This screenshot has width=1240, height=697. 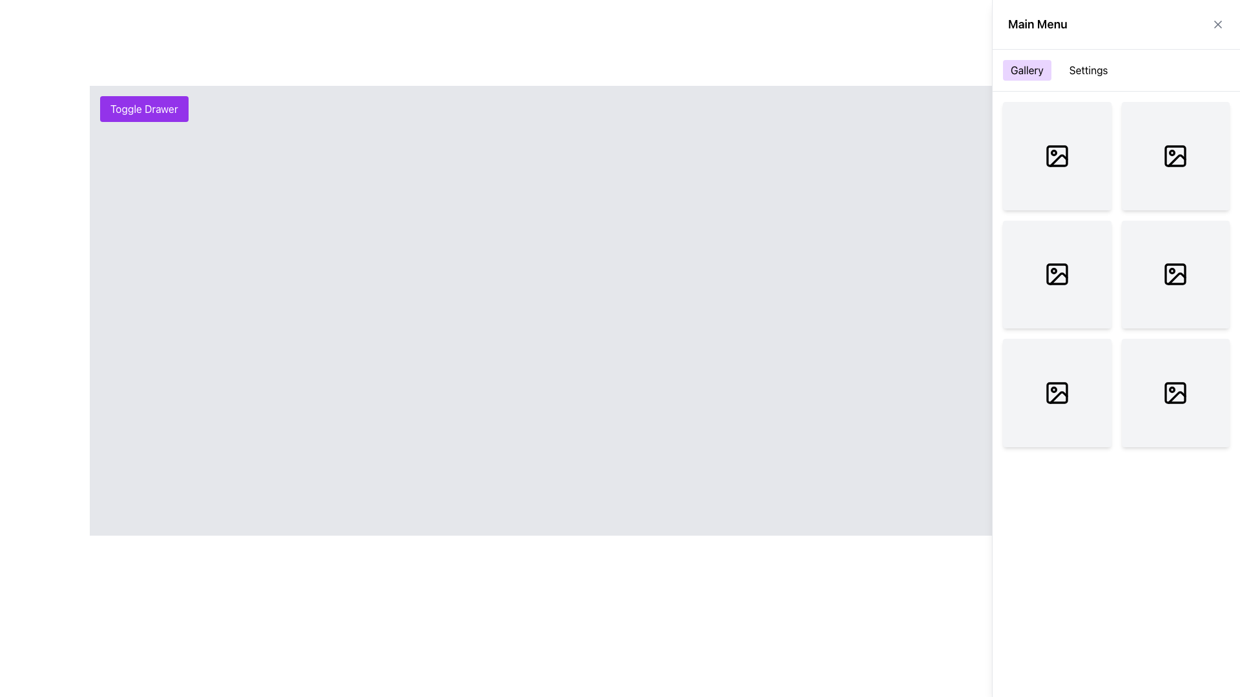 What do you see at coordinates (1088, 70) in the screenshot?
I see `the 'Settings' button` at bounding box center [1088, 70].